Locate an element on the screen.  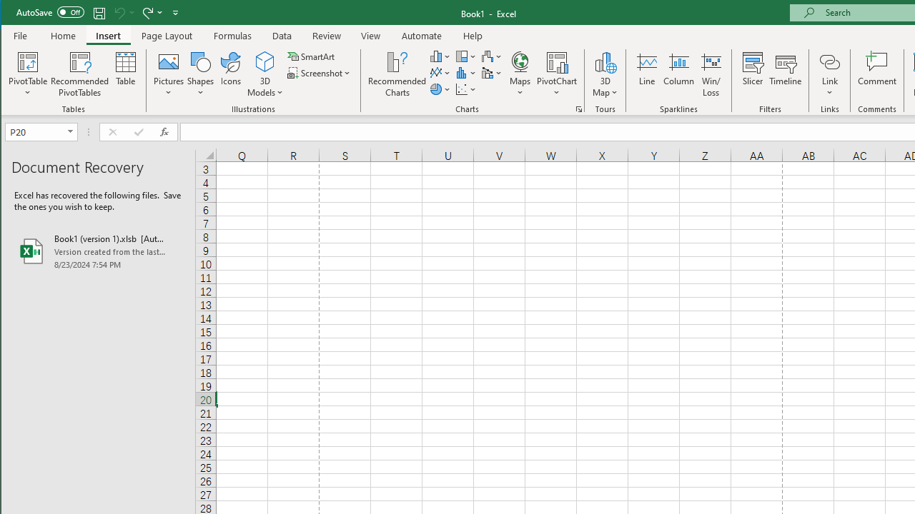
'Maps' is located at coordinates (519, 74).